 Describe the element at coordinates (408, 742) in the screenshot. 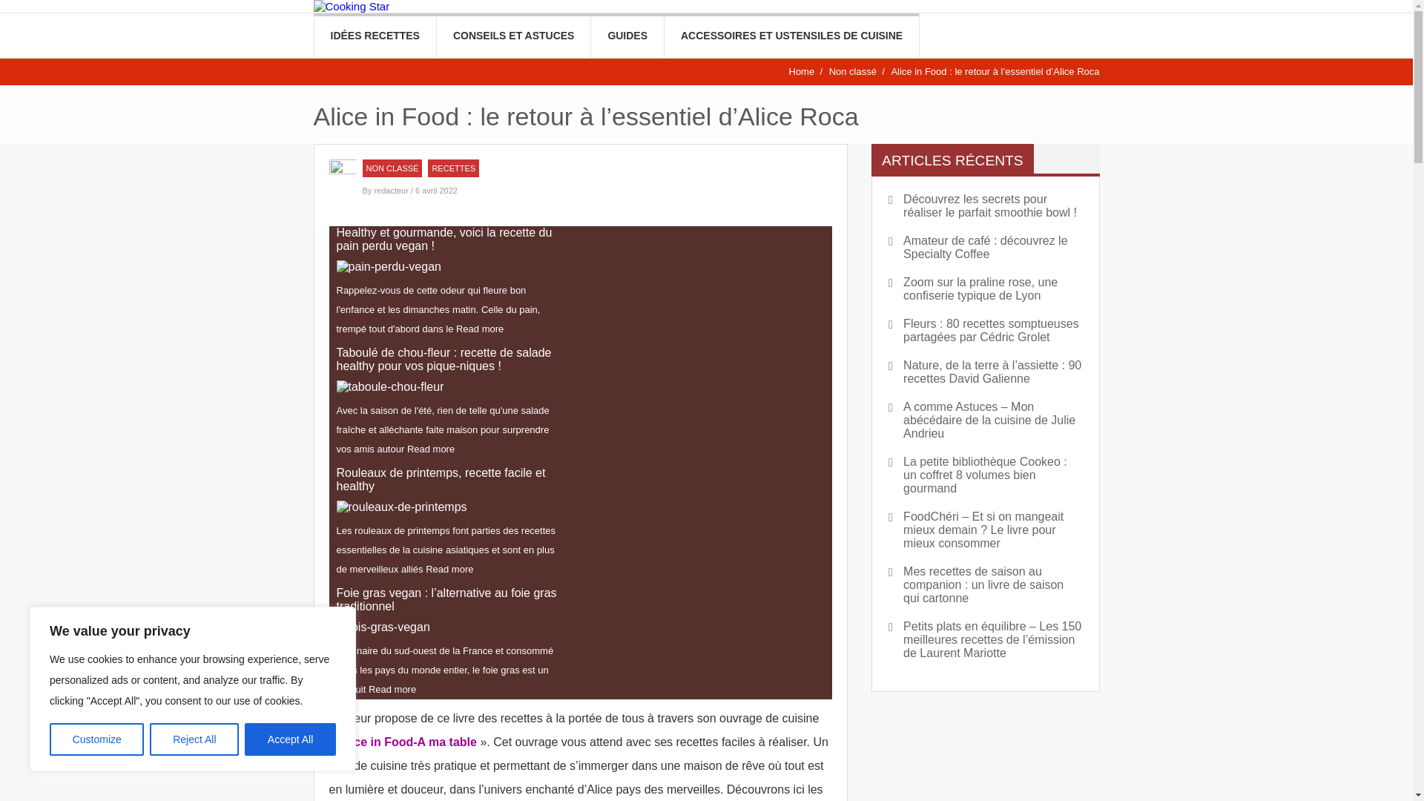

I see `'Alice in Food-A ma table'` at that location.